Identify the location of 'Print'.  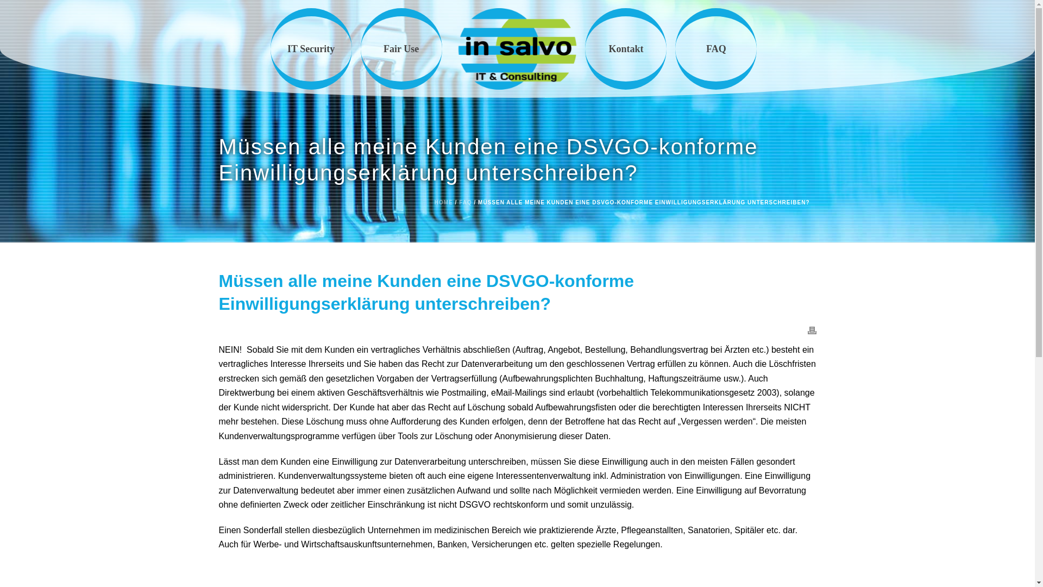
(811, 329).